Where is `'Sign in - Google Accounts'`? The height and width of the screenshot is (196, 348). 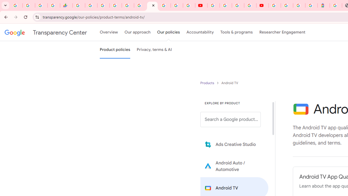
'Sign in - Google Accounts' is located at coordinates (287, 5).